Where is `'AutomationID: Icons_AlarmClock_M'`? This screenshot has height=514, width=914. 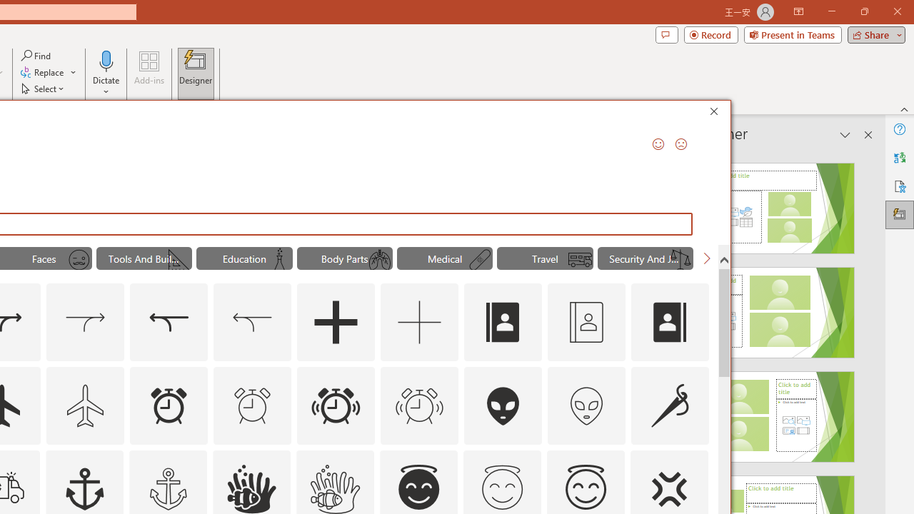 'AutomationID: Icons_AlarmClock_M' is located at coordinates (252, 405).